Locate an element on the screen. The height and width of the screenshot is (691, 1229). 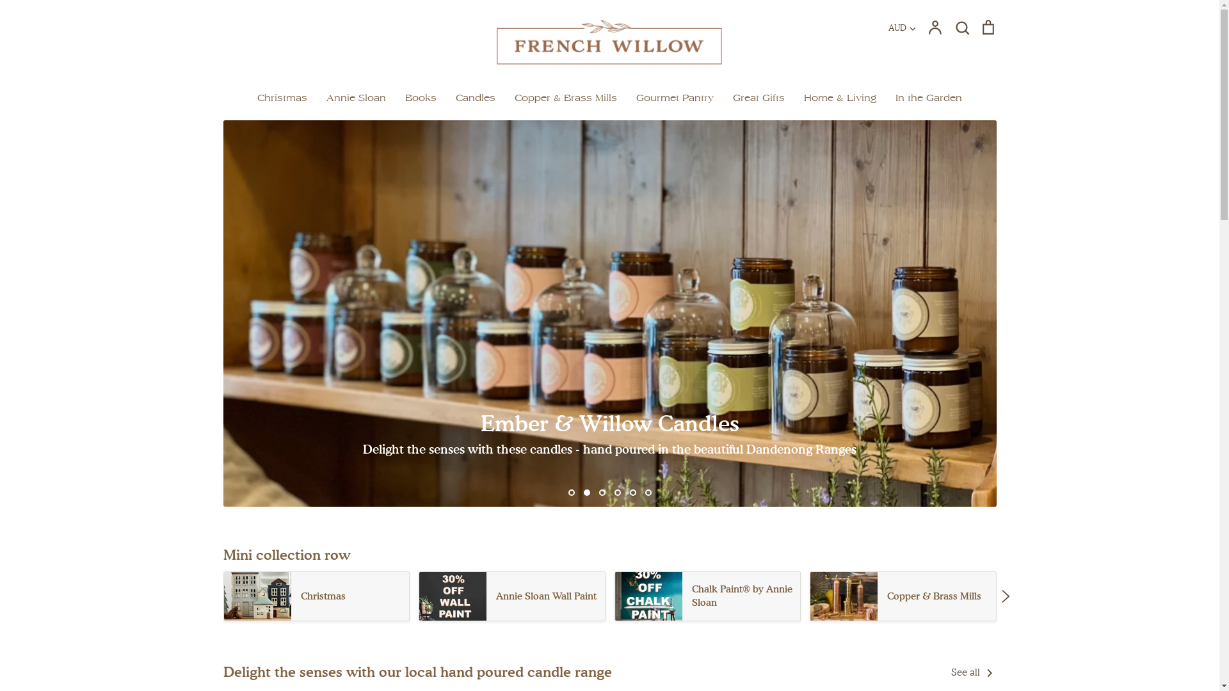
'Annie Sloan Wall Paint' is located at coordinates (512, 596).